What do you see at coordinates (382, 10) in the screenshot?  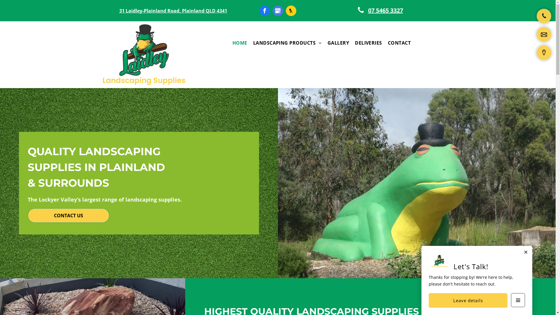 I see `'07 5465 3327'` at bounding box center [382, 10].